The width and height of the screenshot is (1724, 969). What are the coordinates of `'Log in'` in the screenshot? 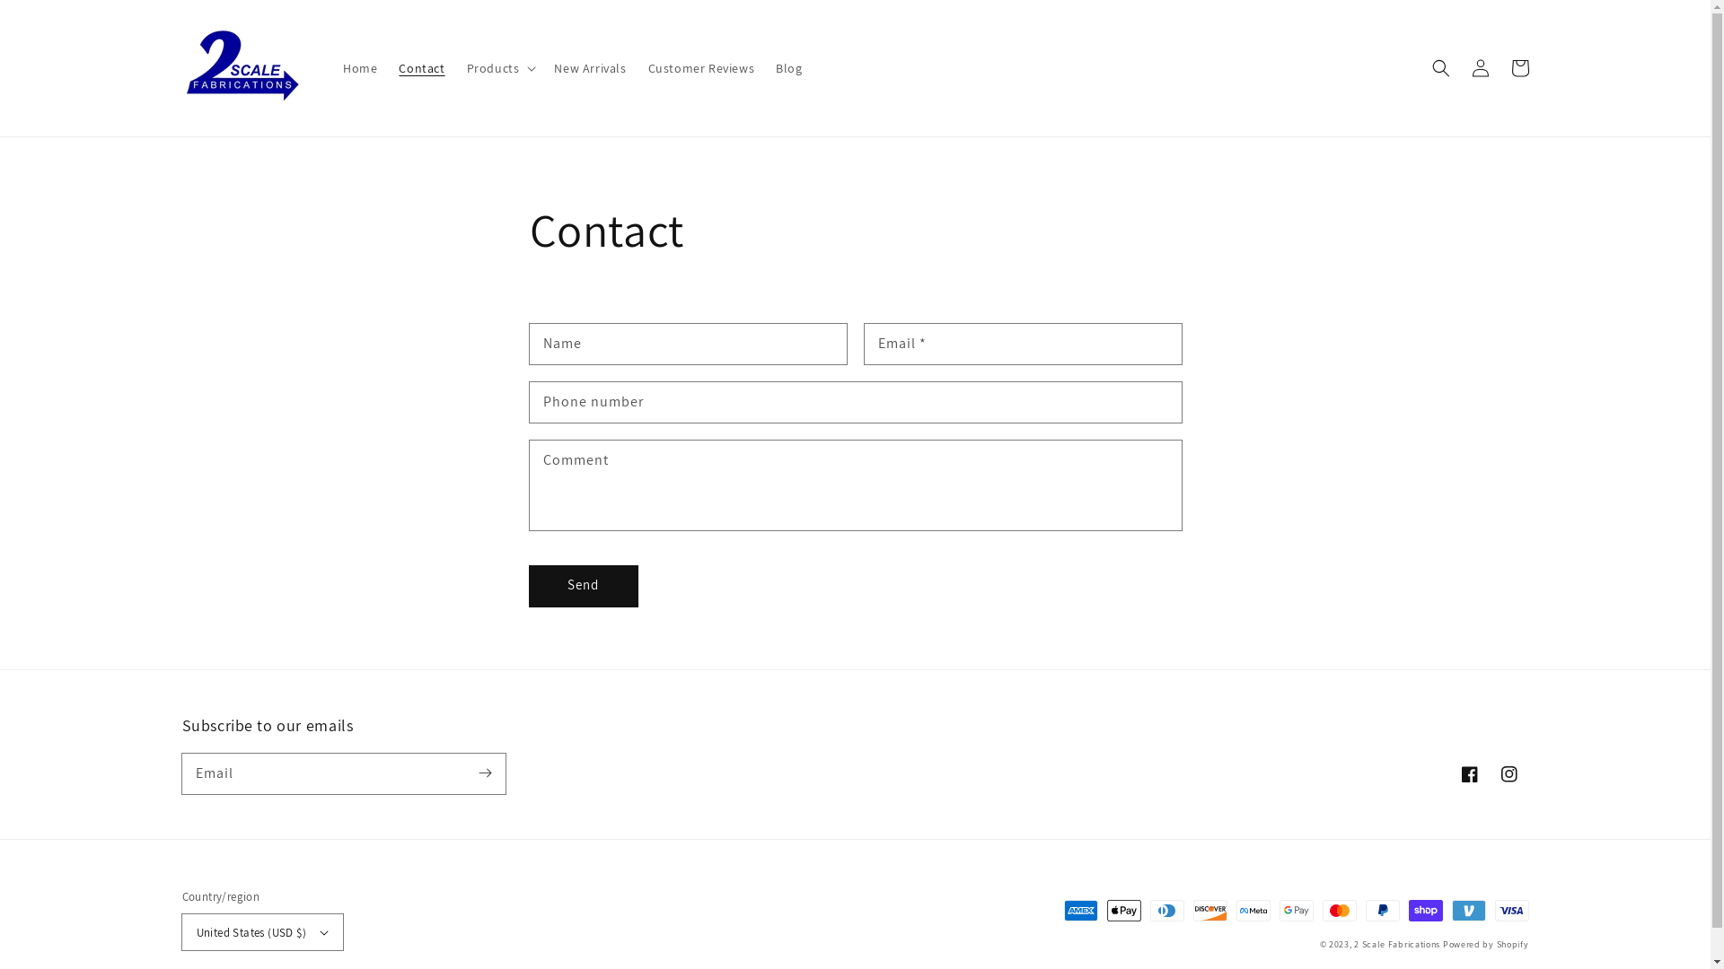 It's located at (1460, 67).